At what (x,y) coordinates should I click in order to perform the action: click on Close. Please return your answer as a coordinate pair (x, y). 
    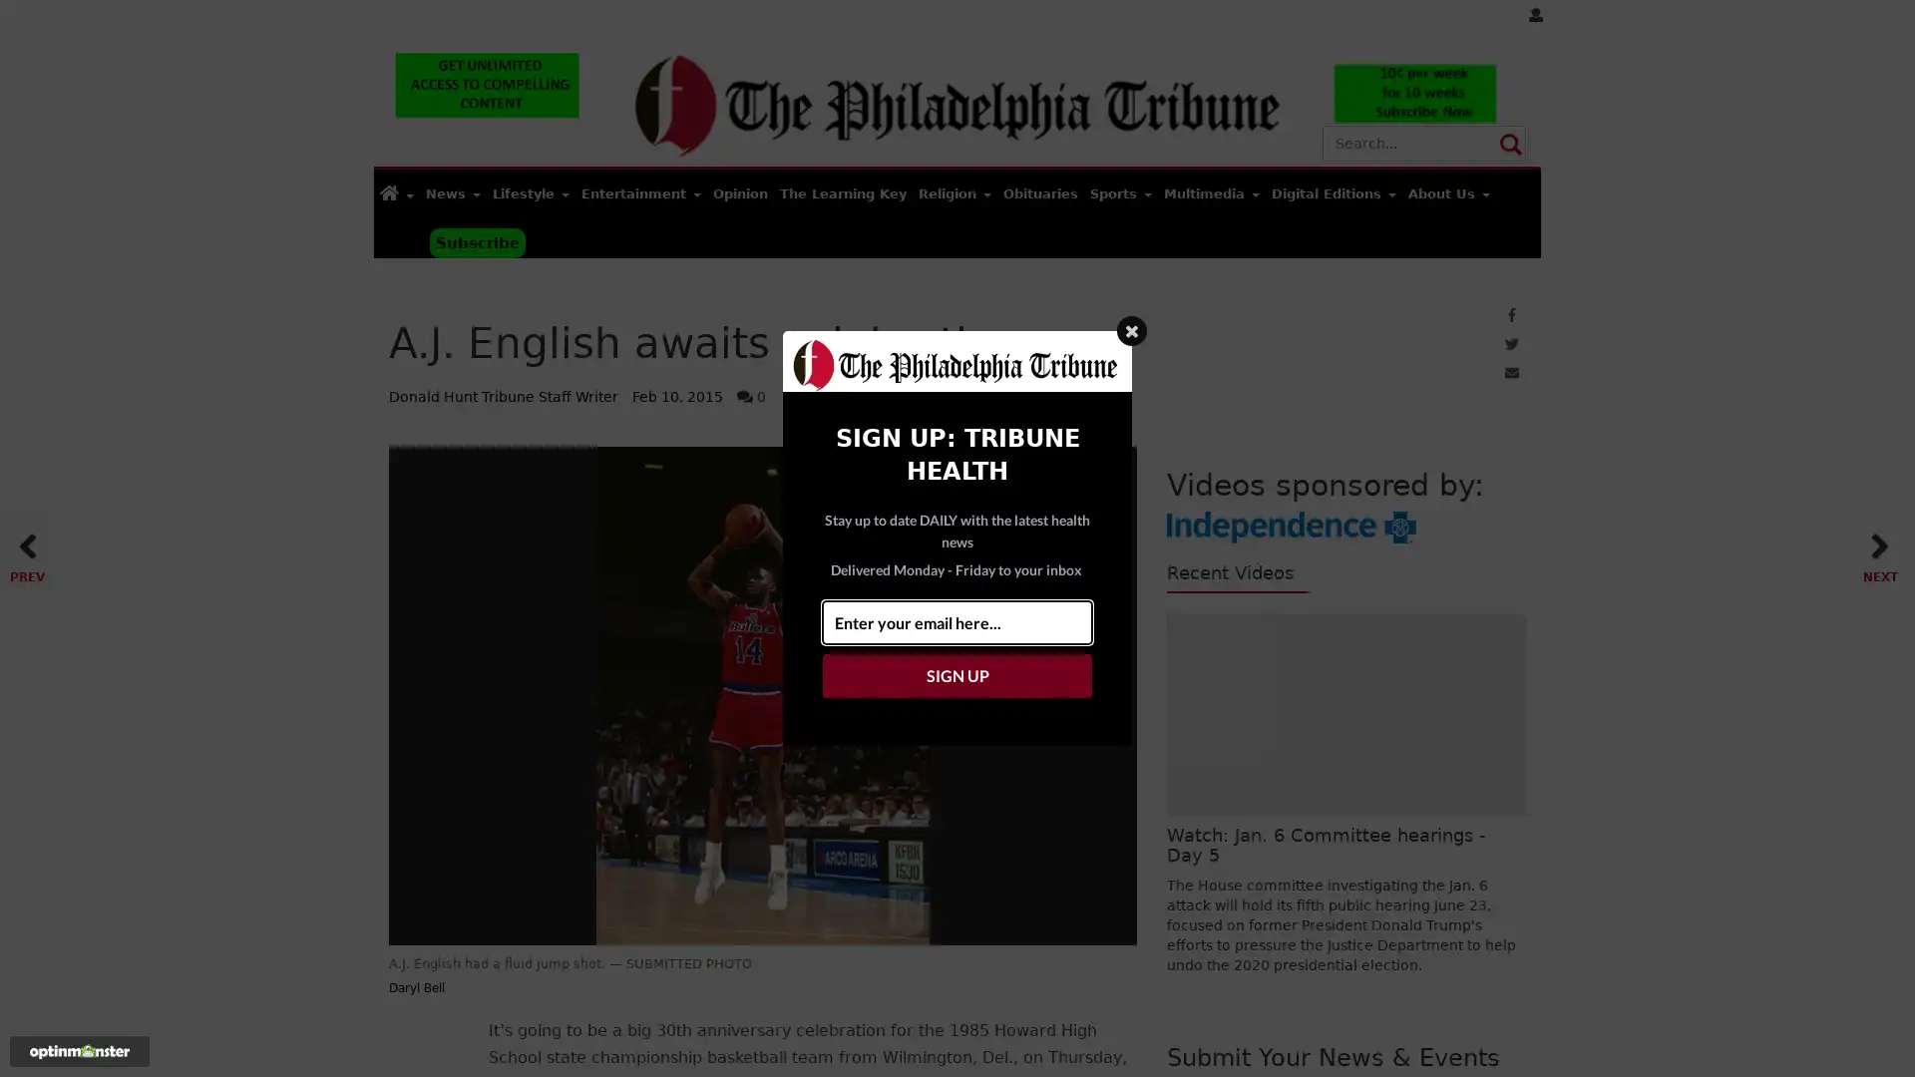
    Looking at the image, I should click on (1131, 329).